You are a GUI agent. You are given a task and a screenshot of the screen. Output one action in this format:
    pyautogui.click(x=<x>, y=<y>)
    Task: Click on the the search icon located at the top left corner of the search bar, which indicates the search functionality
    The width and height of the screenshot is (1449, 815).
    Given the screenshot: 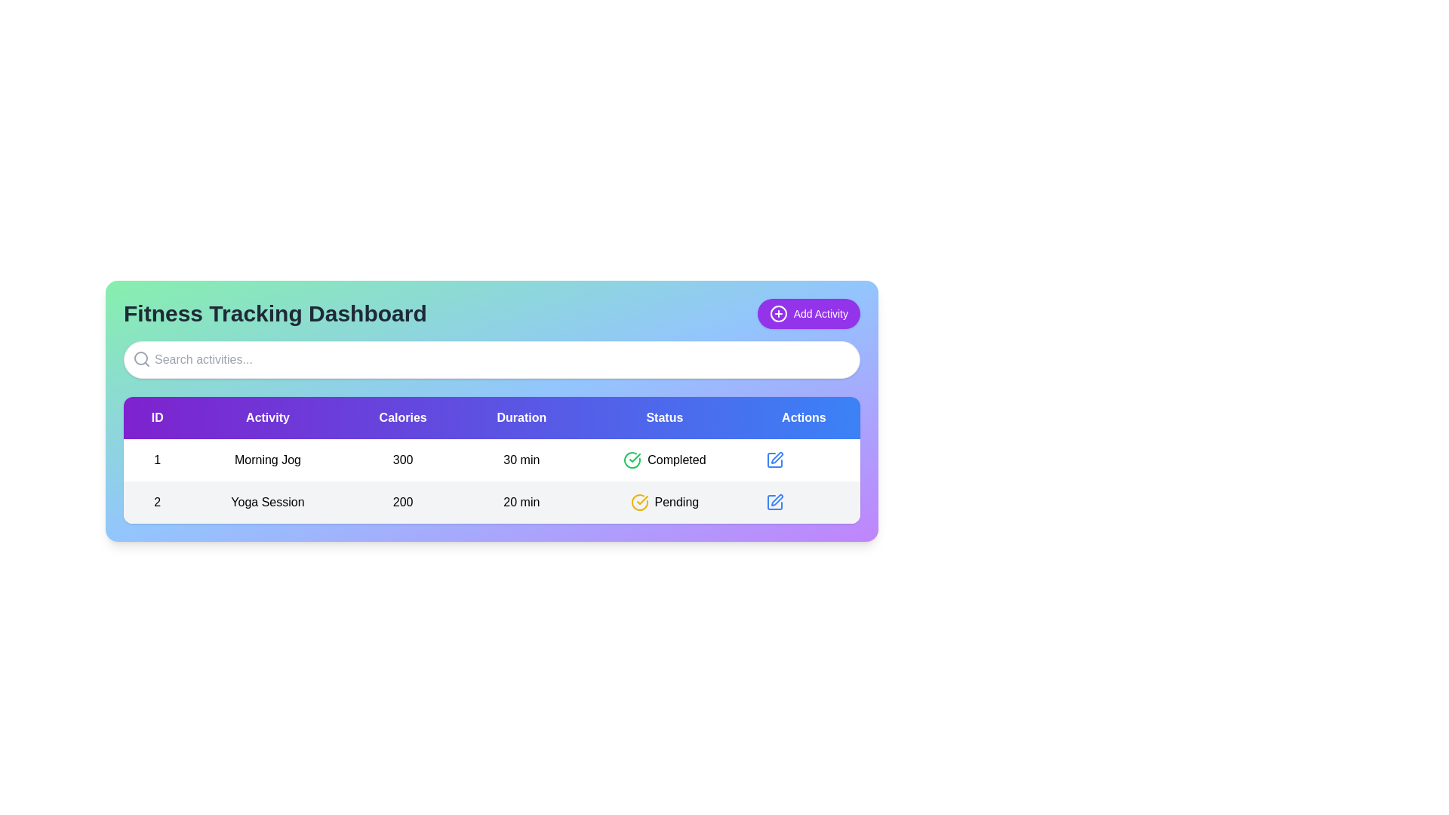 What is the action you would take?
    pyautogui.click(x=141, y=358)
    